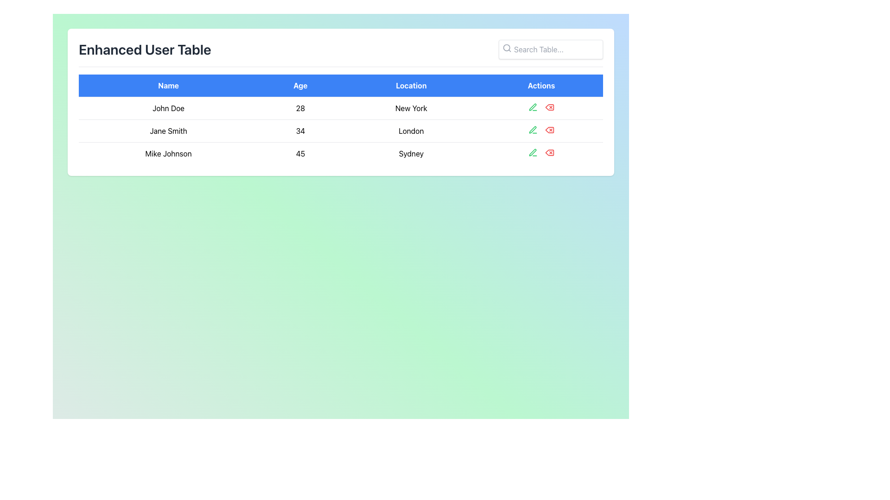 The image size is (890, 500). I want to click on the 'delete' icon button located in the 'Actions' column of the last row representing 'Mike Johnson' from Sydney, so click(549, 152).